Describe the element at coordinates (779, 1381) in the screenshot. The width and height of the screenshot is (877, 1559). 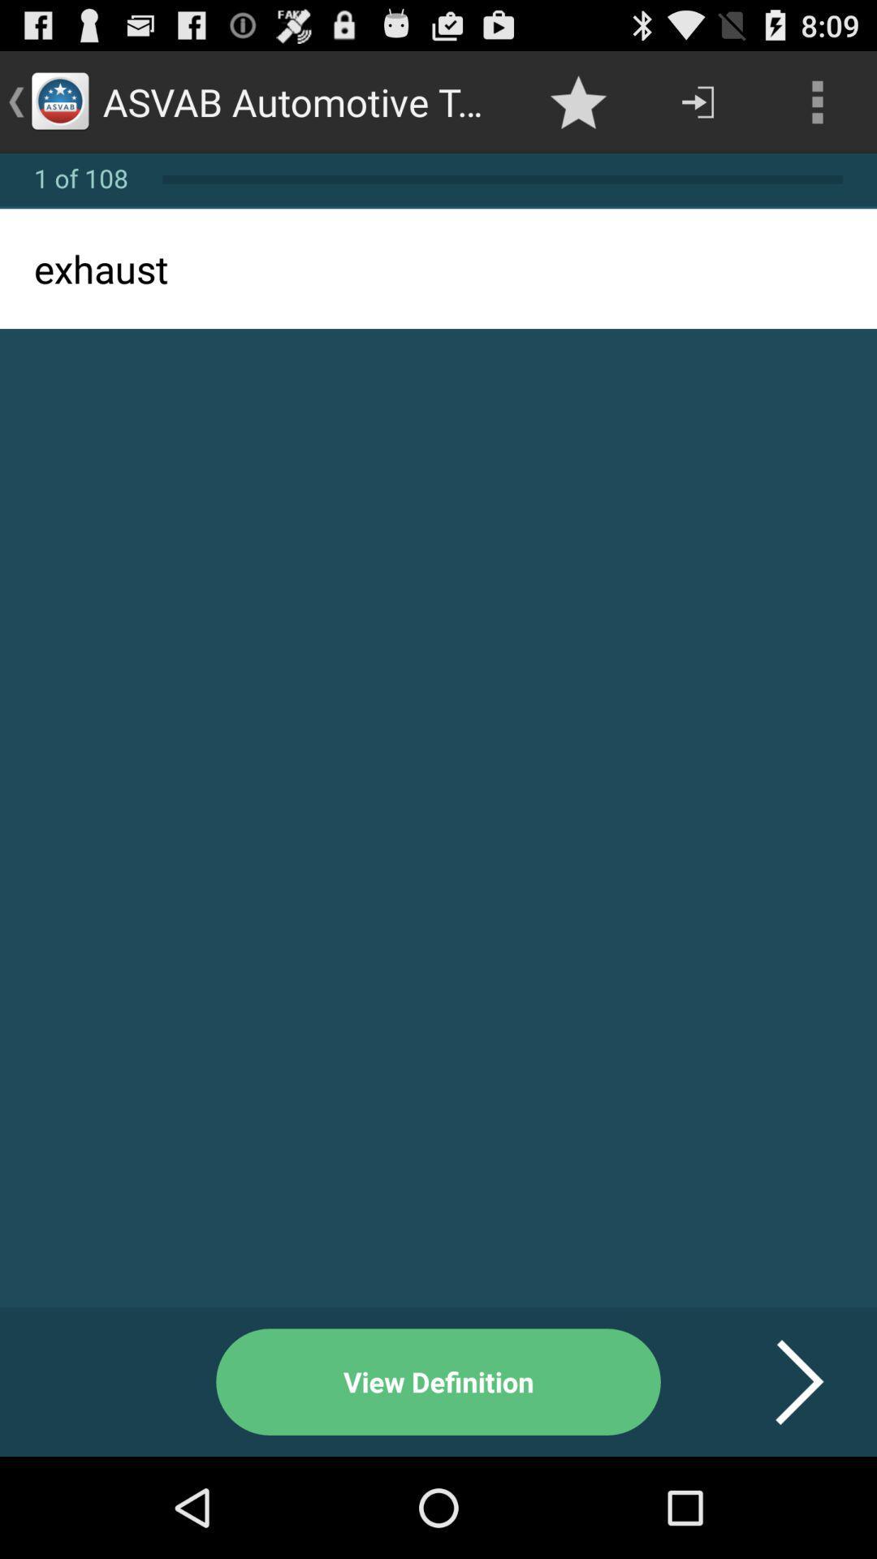
I see `item at the bottom right corner` at that location.